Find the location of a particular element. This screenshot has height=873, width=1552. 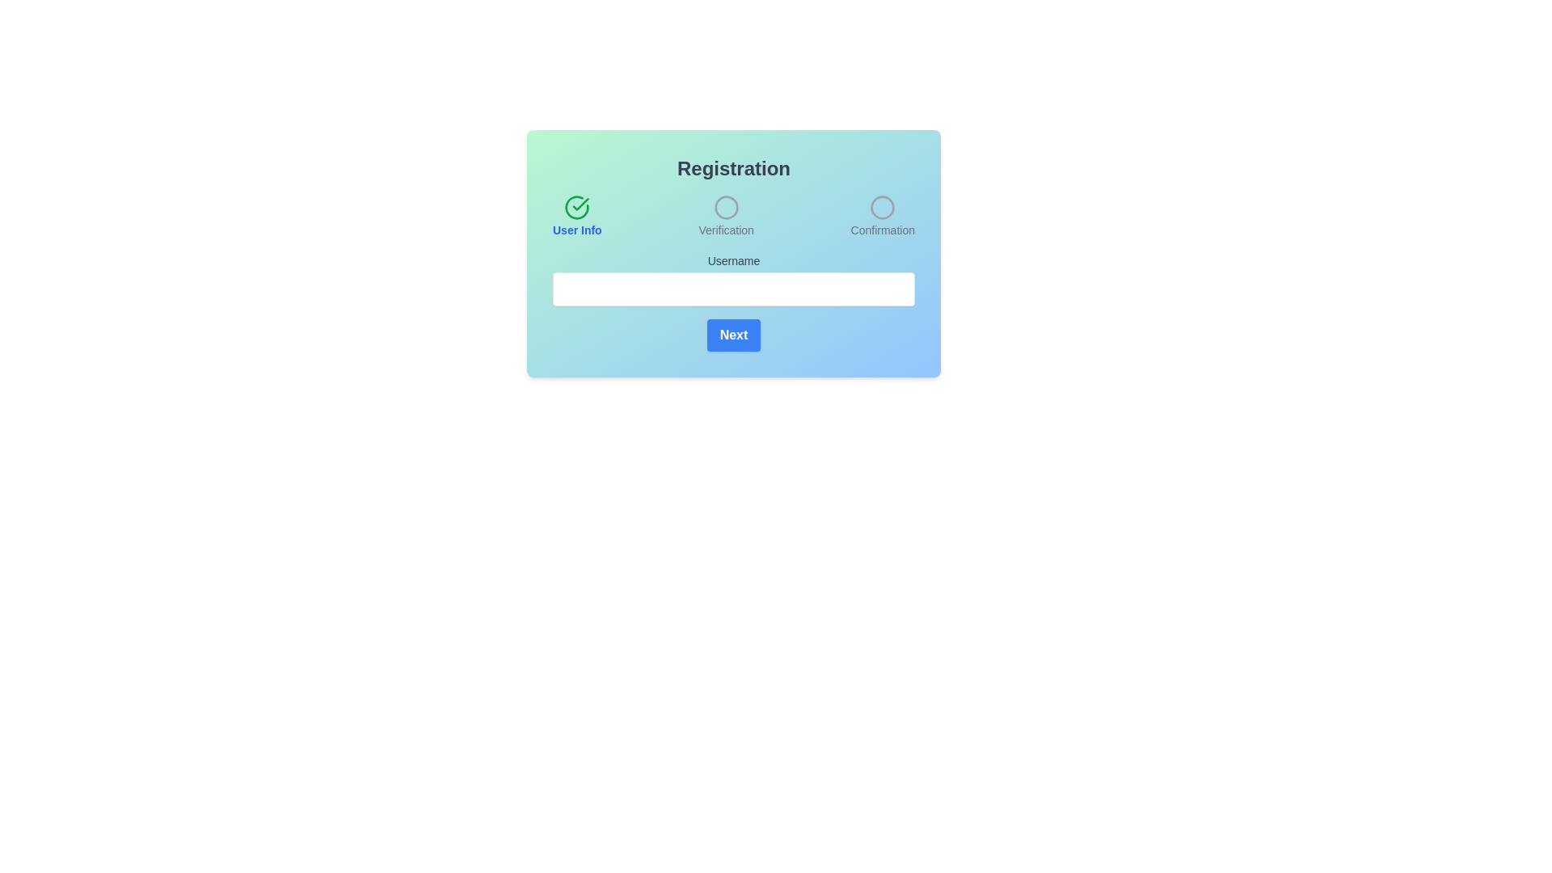

the green circular icon with a checkmark inside, located next to the 'User Info' label in the 'Registration' section of the registration card is located at coordinates (577, 207).